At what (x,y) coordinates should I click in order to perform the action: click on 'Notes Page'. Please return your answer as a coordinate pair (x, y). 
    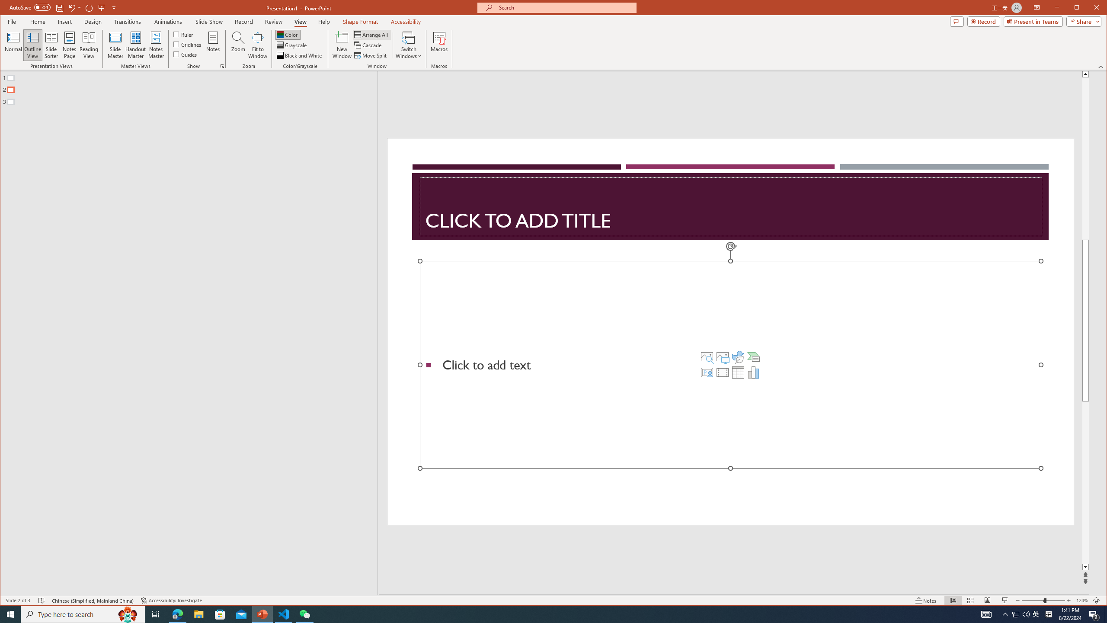
    Looking at the image, I should click on (69, 45).